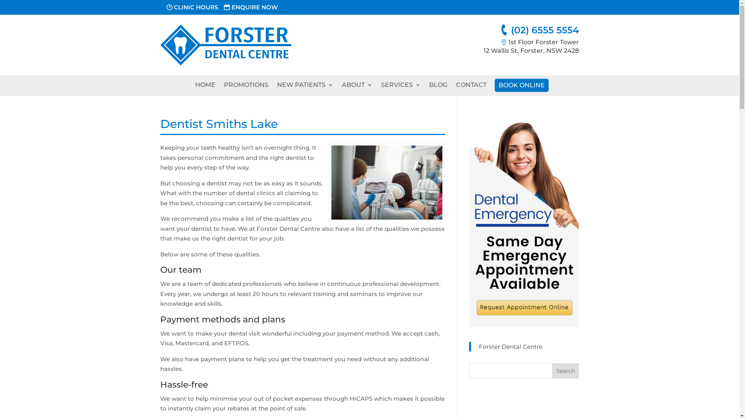  What do you see at coordinates (566, 371) in the screenshot?
I see `'Search'` at bounding box center [566, 371].